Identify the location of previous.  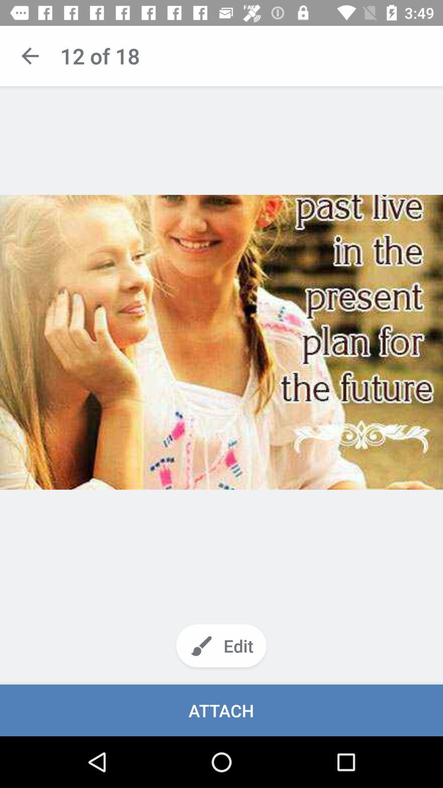
(30, 55).